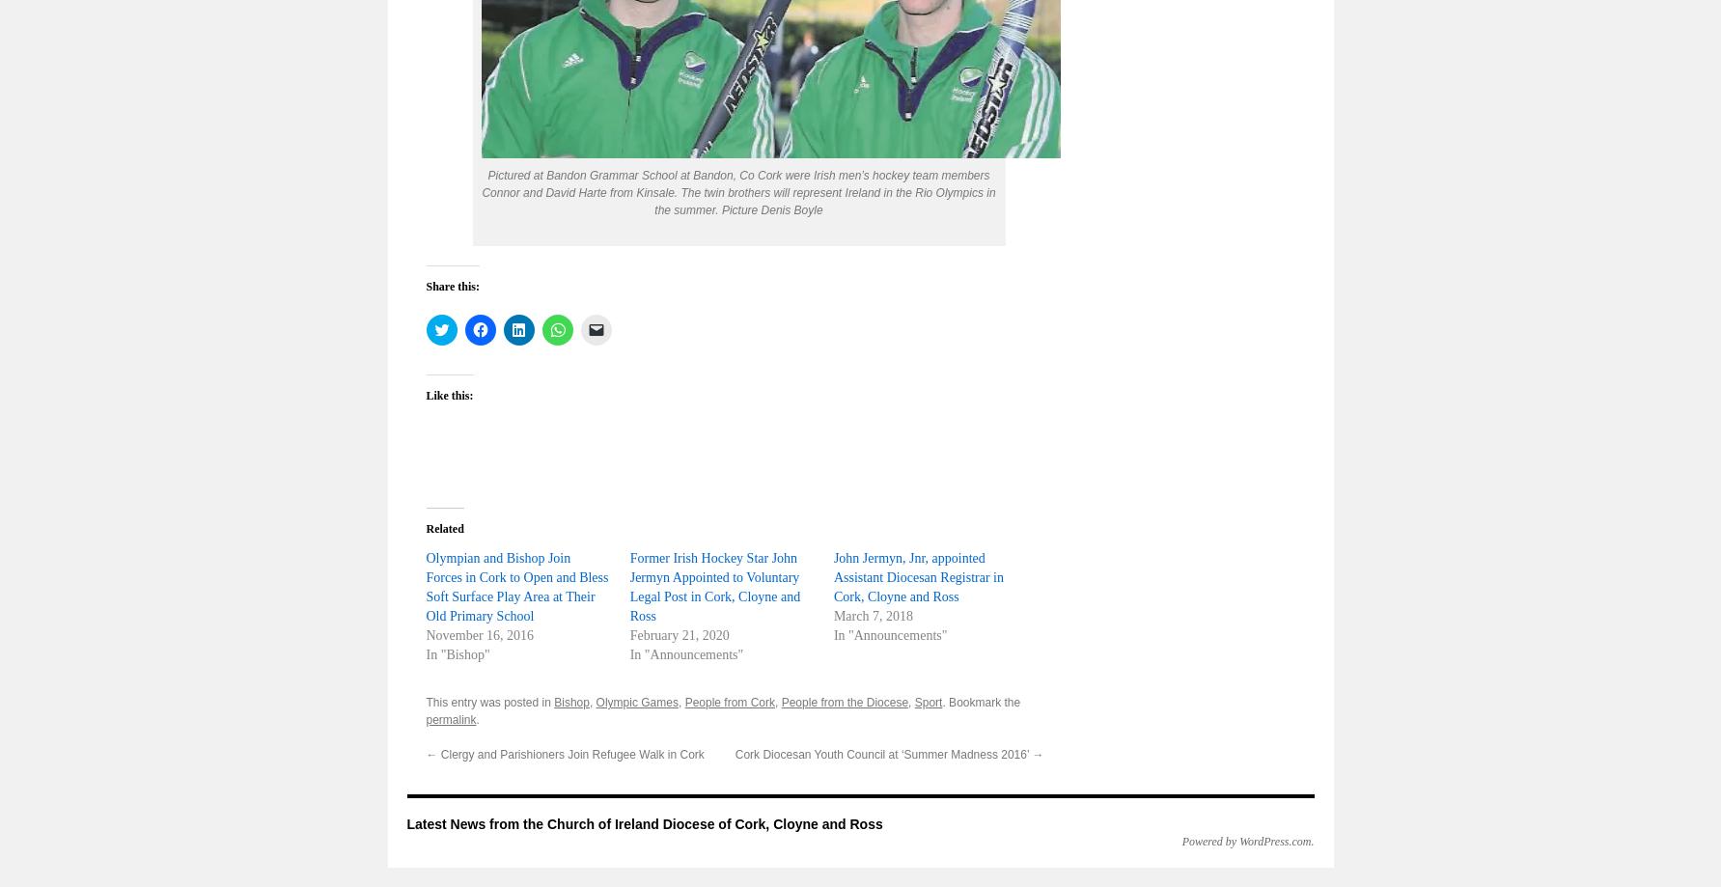  Describe the element at coordinates (481, 192) in the screenshot. I see `'Pictured at Bandon Grammar School at Bandon, Co Cork were Irish men’s hockey team members Connor and David Harte from Kinsale. The twin brothers will represent Ireland in the Rio Olympics in the summer. Picture Denis Boyle'` at that location.